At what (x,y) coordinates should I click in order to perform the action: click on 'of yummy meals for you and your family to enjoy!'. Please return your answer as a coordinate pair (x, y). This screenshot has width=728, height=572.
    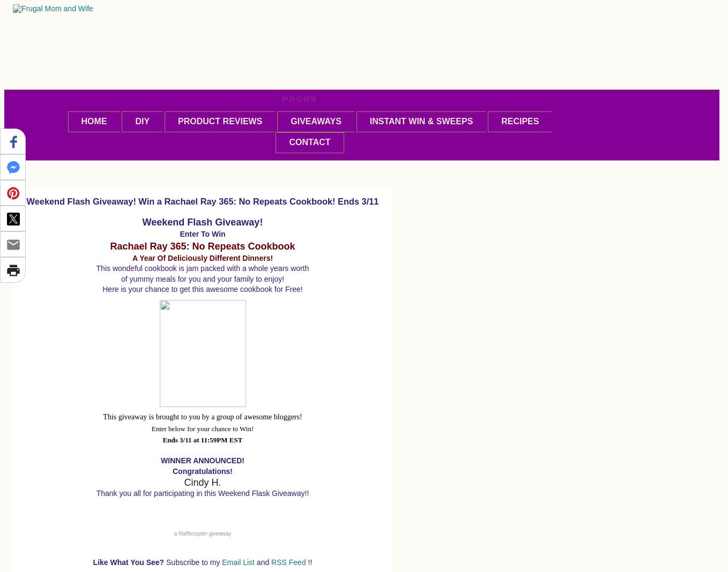
    Looking at the image, I should click on (120, 279).